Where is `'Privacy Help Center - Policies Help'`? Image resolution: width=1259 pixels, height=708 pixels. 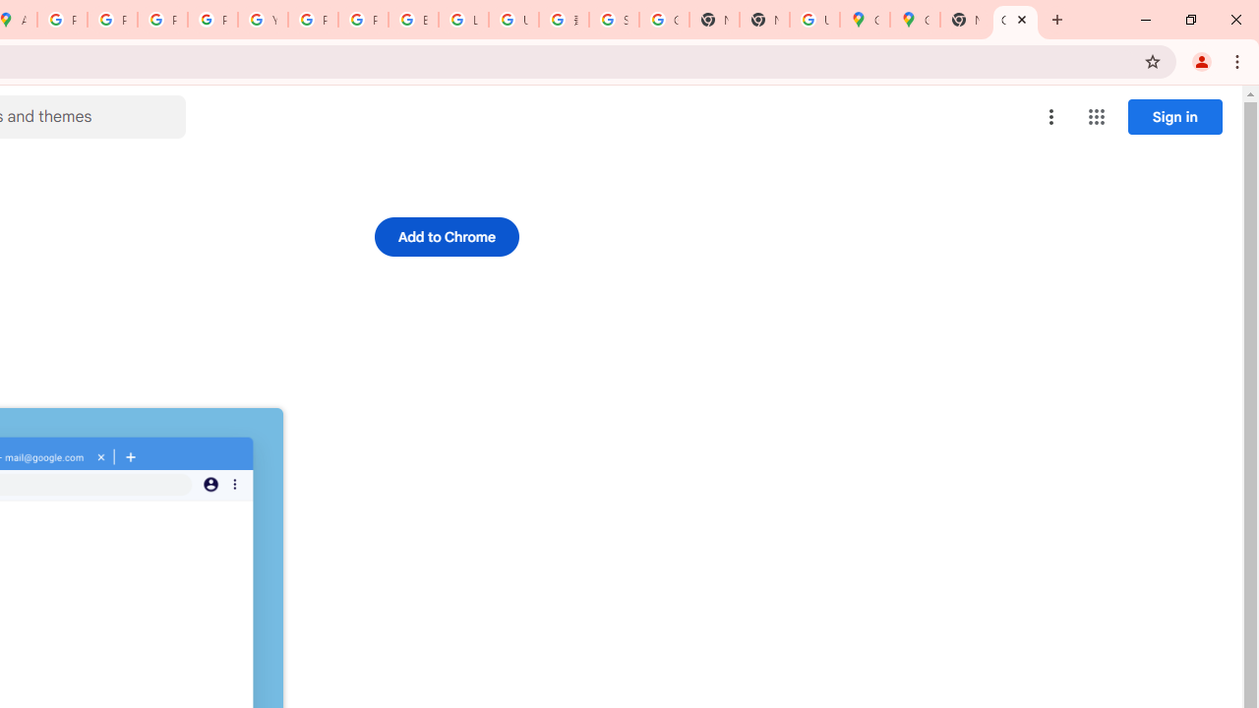
'Privacy Help Center - Policies Help' is located at coordinates (162, 20).